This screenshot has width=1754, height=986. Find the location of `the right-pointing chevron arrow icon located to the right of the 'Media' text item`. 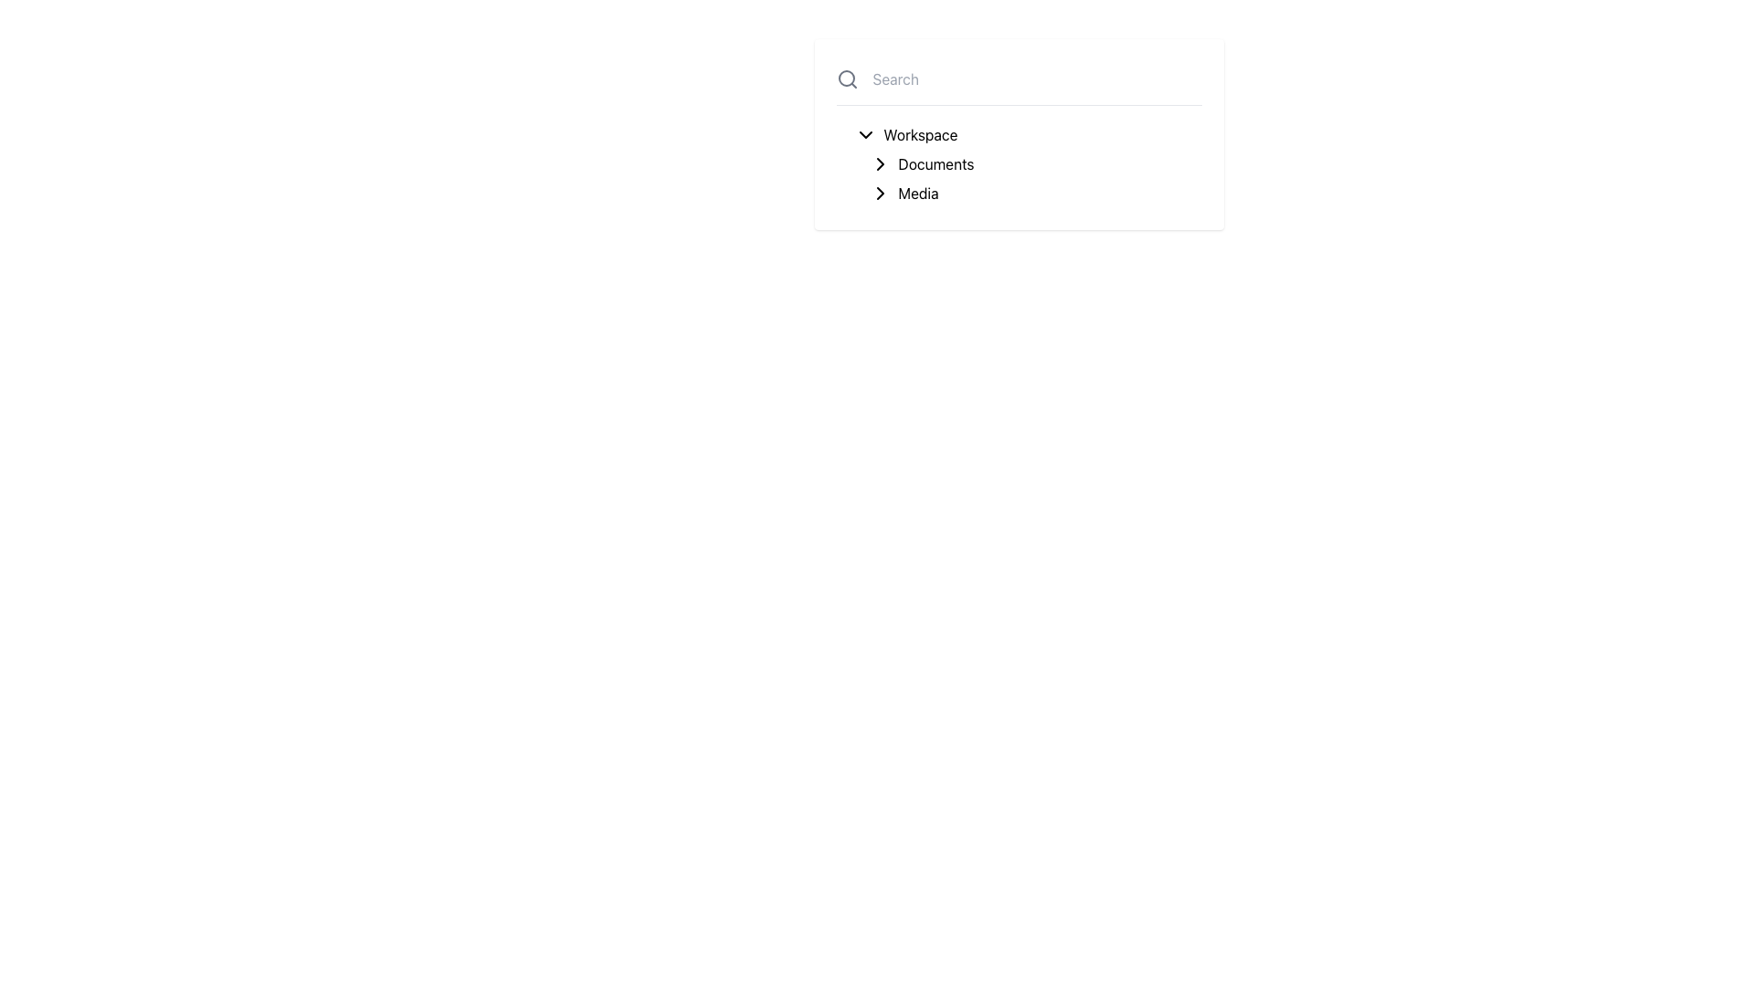

the right-pointing chevron arrow icon located to the right of the 'Media' text item is located at coordinates (880, 164).